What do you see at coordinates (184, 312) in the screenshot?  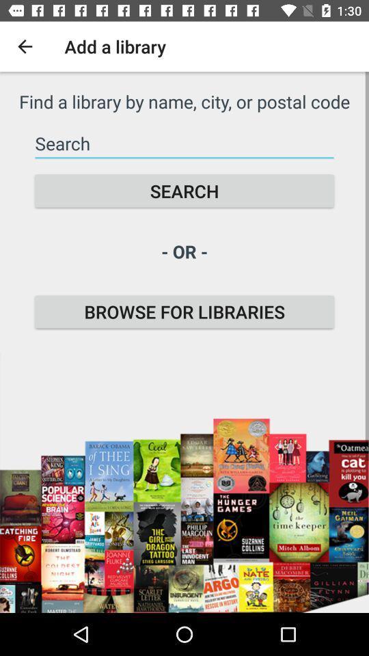 I see `item below - or - icon` at bounding box center [184, 312].